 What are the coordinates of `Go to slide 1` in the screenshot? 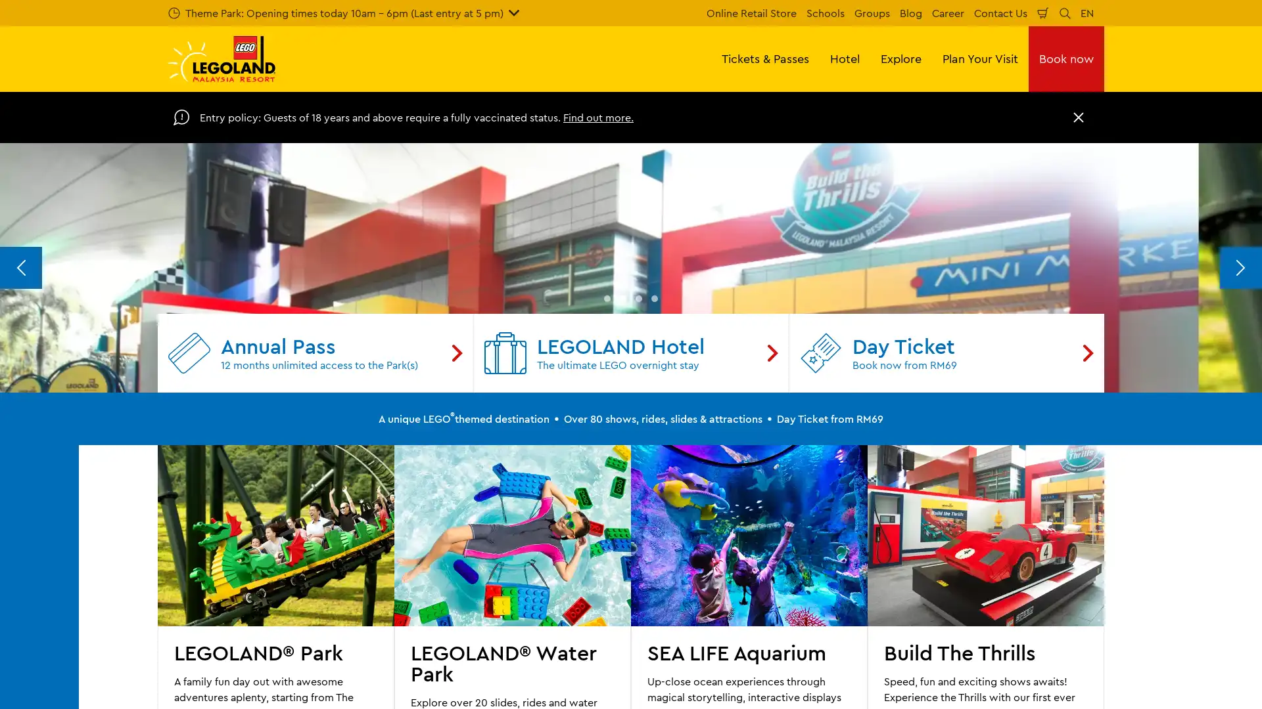 It's located at (606, 559).